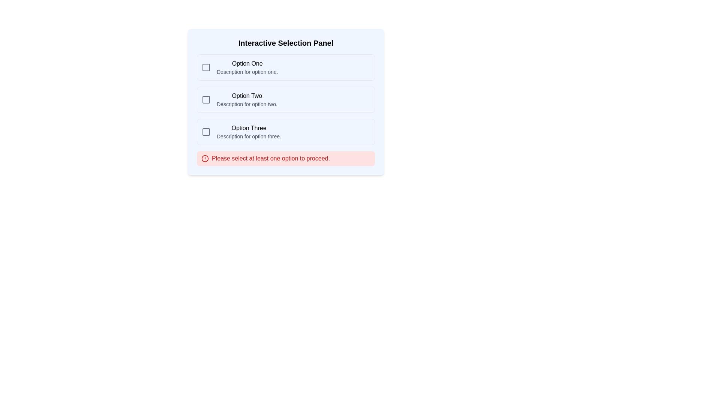 This screenshot has width=720, height=405. I want to click on the text label that says 'Description for option one', which is styled in gray and located directly below the title 'Option One' in the option box, so click(247, 72).